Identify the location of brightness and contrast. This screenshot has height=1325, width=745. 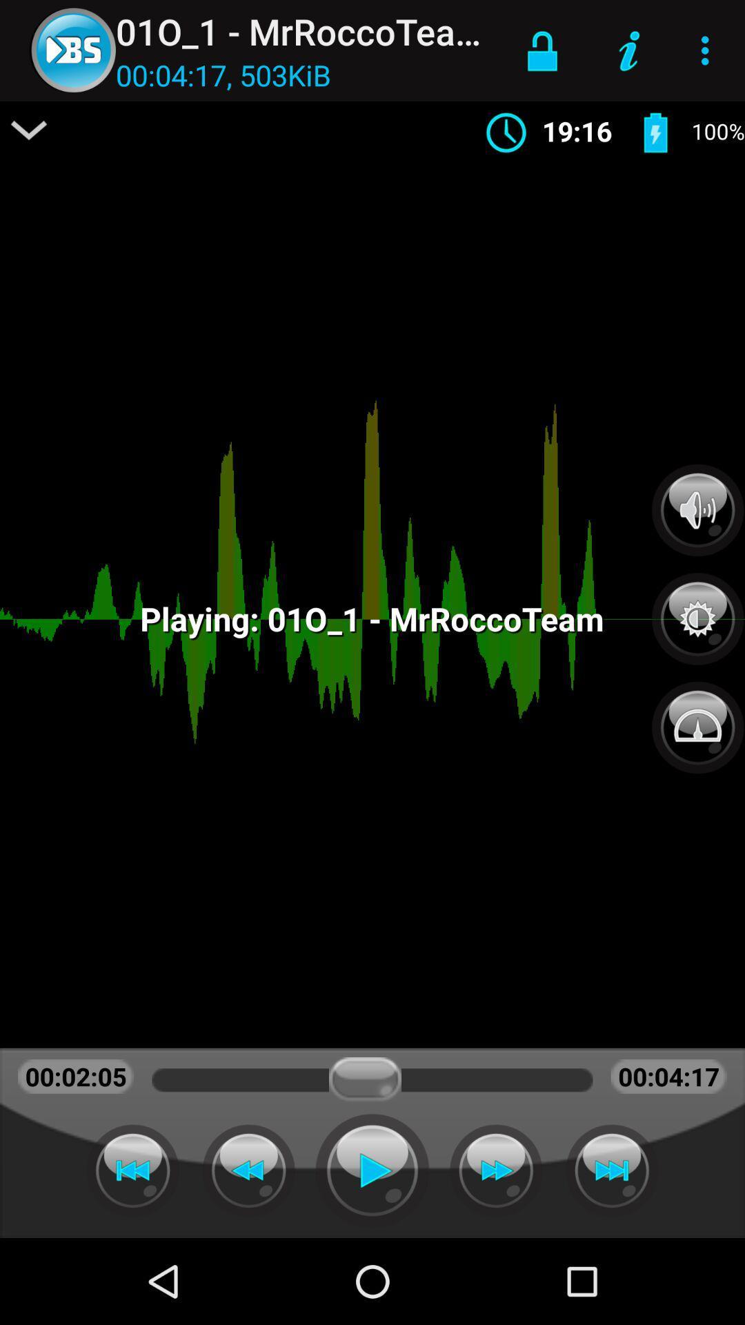
(697, 611).